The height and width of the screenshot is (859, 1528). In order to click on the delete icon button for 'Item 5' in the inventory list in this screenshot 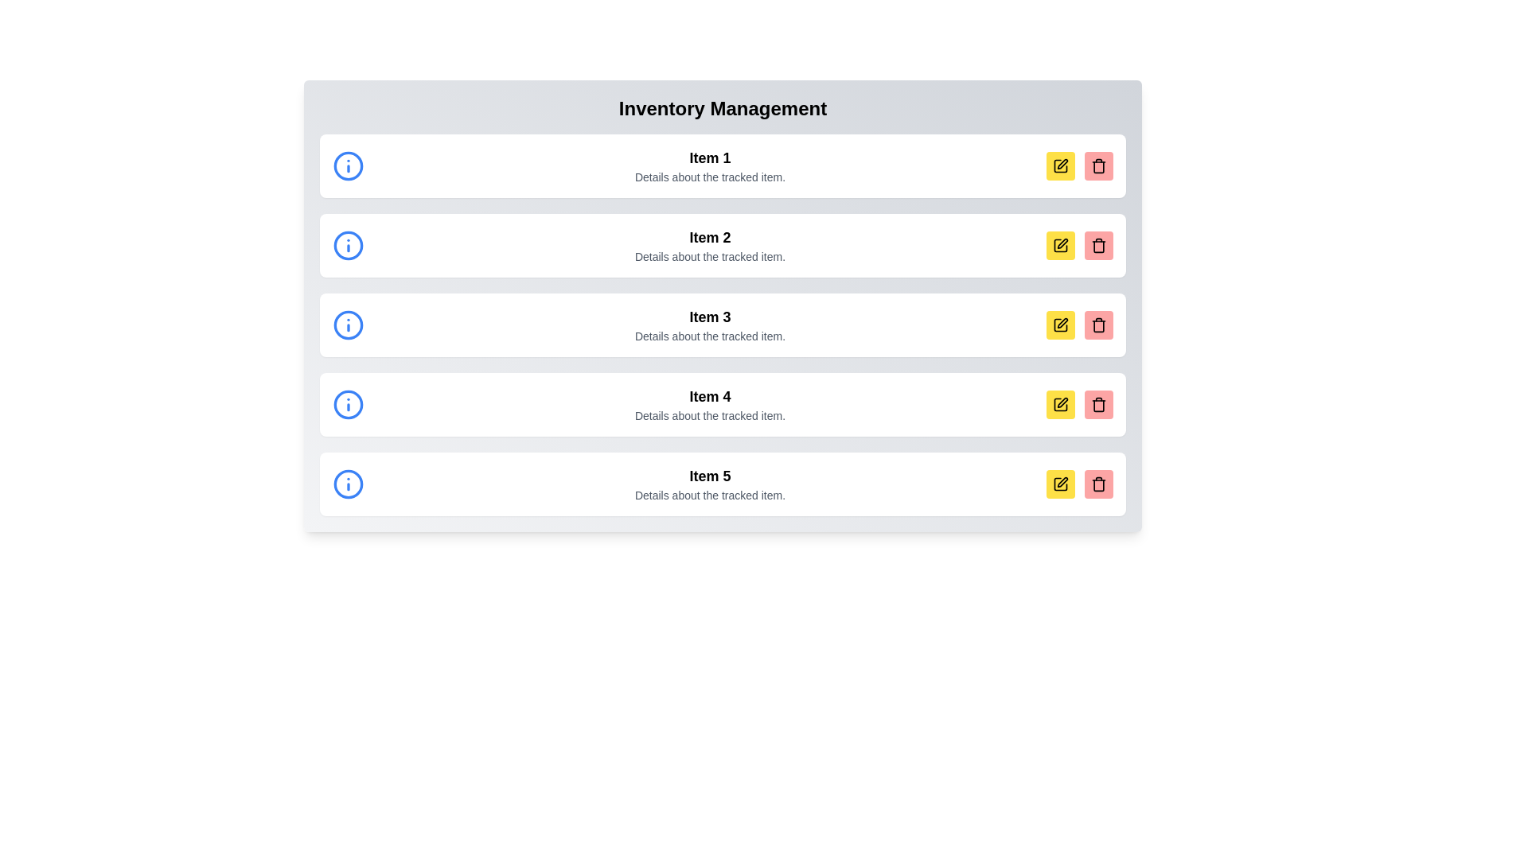, I will do `click(1098, 484)`.